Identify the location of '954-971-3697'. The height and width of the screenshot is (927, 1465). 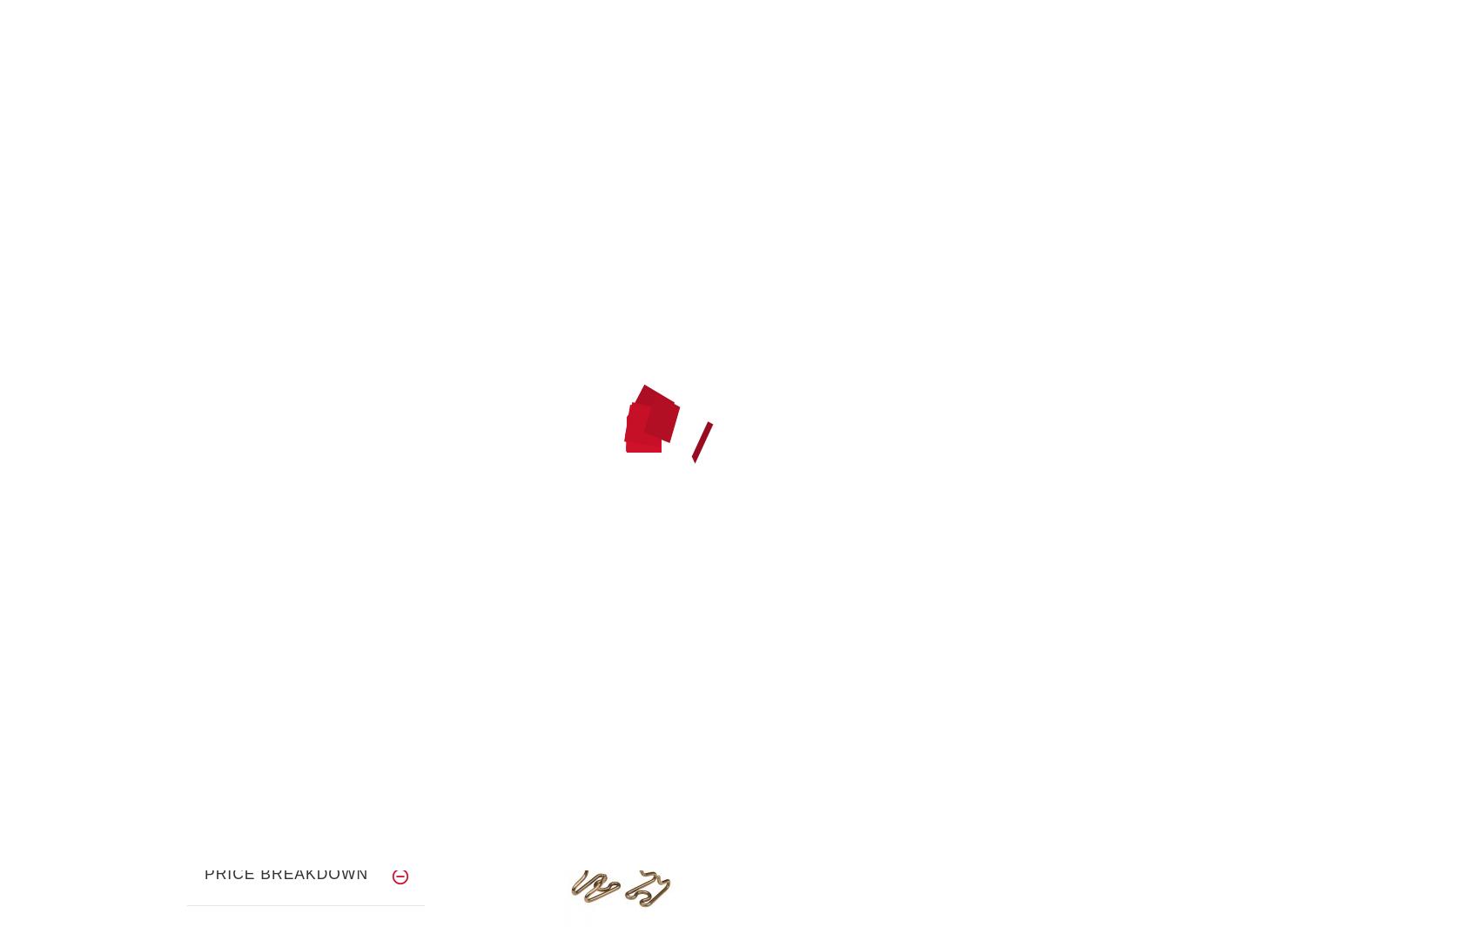
(1033, 102).